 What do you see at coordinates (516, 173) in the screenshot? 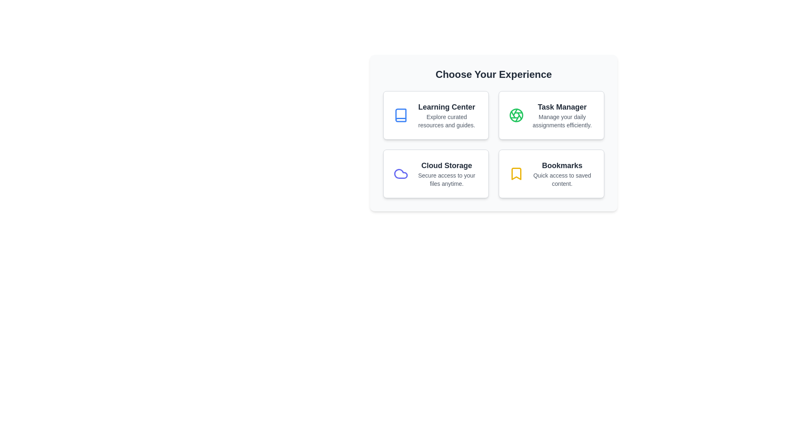
I see `the bright yellow bookmark-shaped icon located in the bottom-right quadrant of the 'Bookmarks' panel` at bounding box center [516, 173].